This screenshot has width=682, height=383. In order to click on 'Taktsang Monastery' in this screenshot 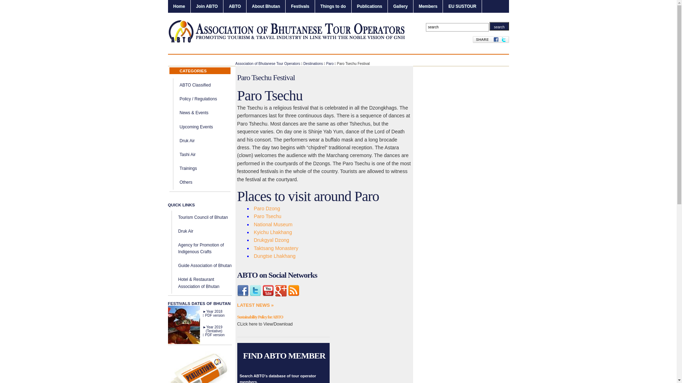, I will do `click(275, 248)`.